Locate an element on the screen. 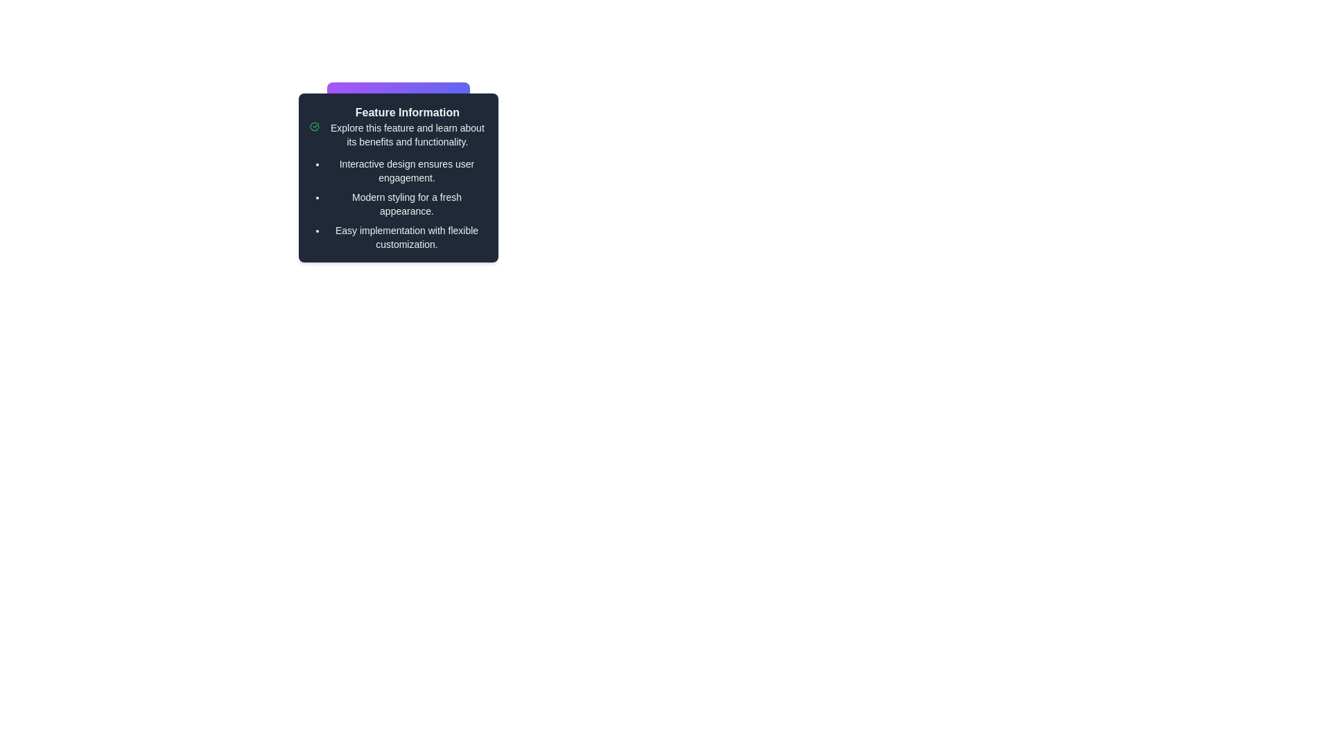 Image resolution: width=1331 pixels, height=748 pixels. third bullet point text in the vertically arranged list of features, which emphasizes the adaptability and ease of use of the product or service is located at coordinates (406, 237).